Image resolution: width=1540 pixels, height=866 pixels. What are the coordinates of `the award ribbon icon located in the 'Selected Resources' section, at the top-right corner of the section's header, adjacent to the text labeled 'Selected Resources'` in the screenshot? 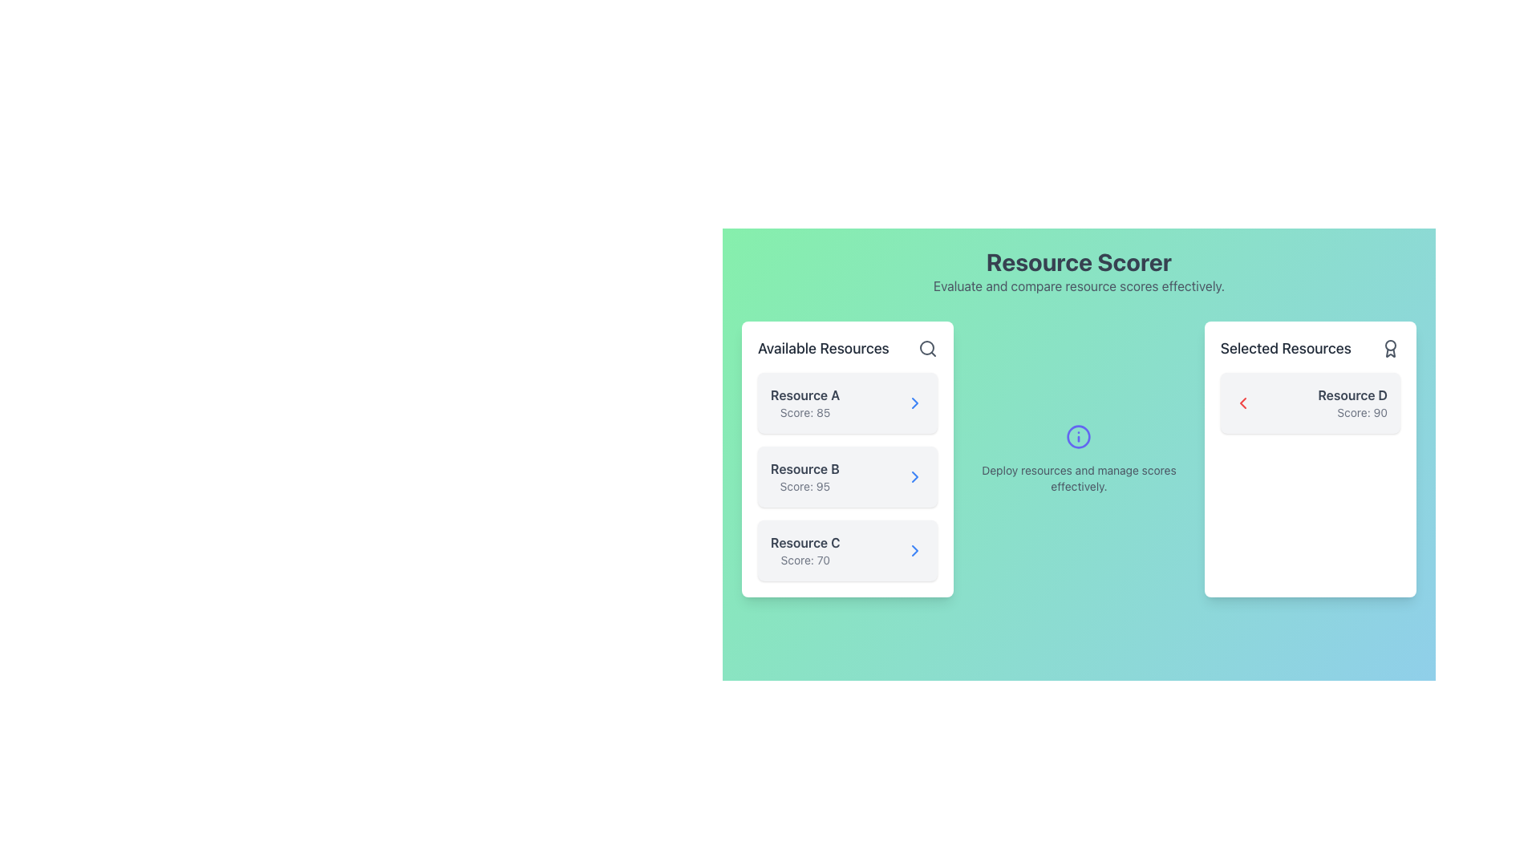 It's located at (1389, 348).